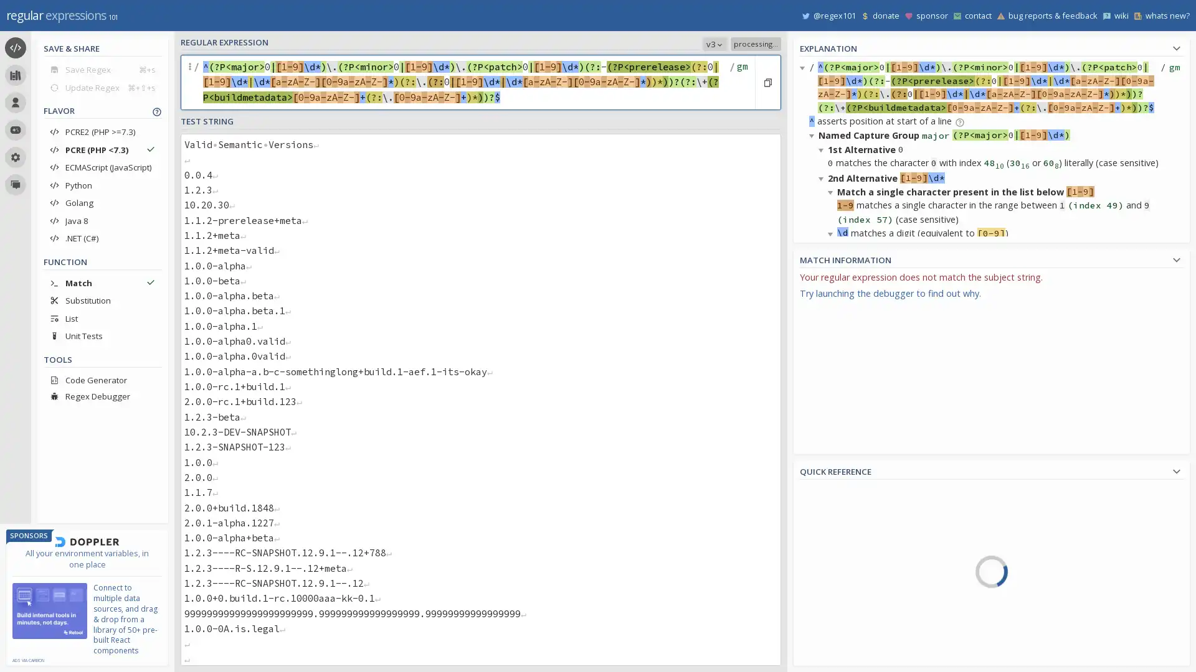  What do you see at coordinates (102, 86) in the screenshot?
I see `Update Regex ++s` at bounding box center [102, 86].